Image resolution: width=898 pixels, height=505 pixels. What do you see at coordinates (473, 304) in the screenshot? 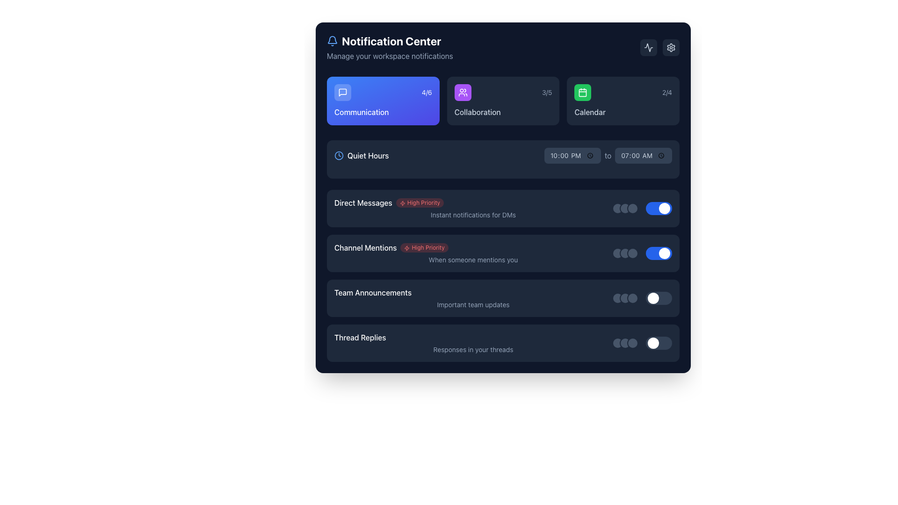
I see `the descriptive label located below the 'Team Announcements' heading` at bounding box center [473, 304].